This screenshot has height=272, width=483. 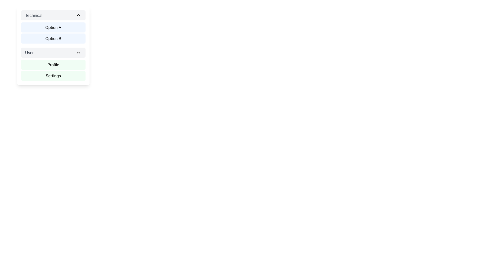 I want to click on the second option selection button under the 'Technical' category, so click(x=53, y=38).